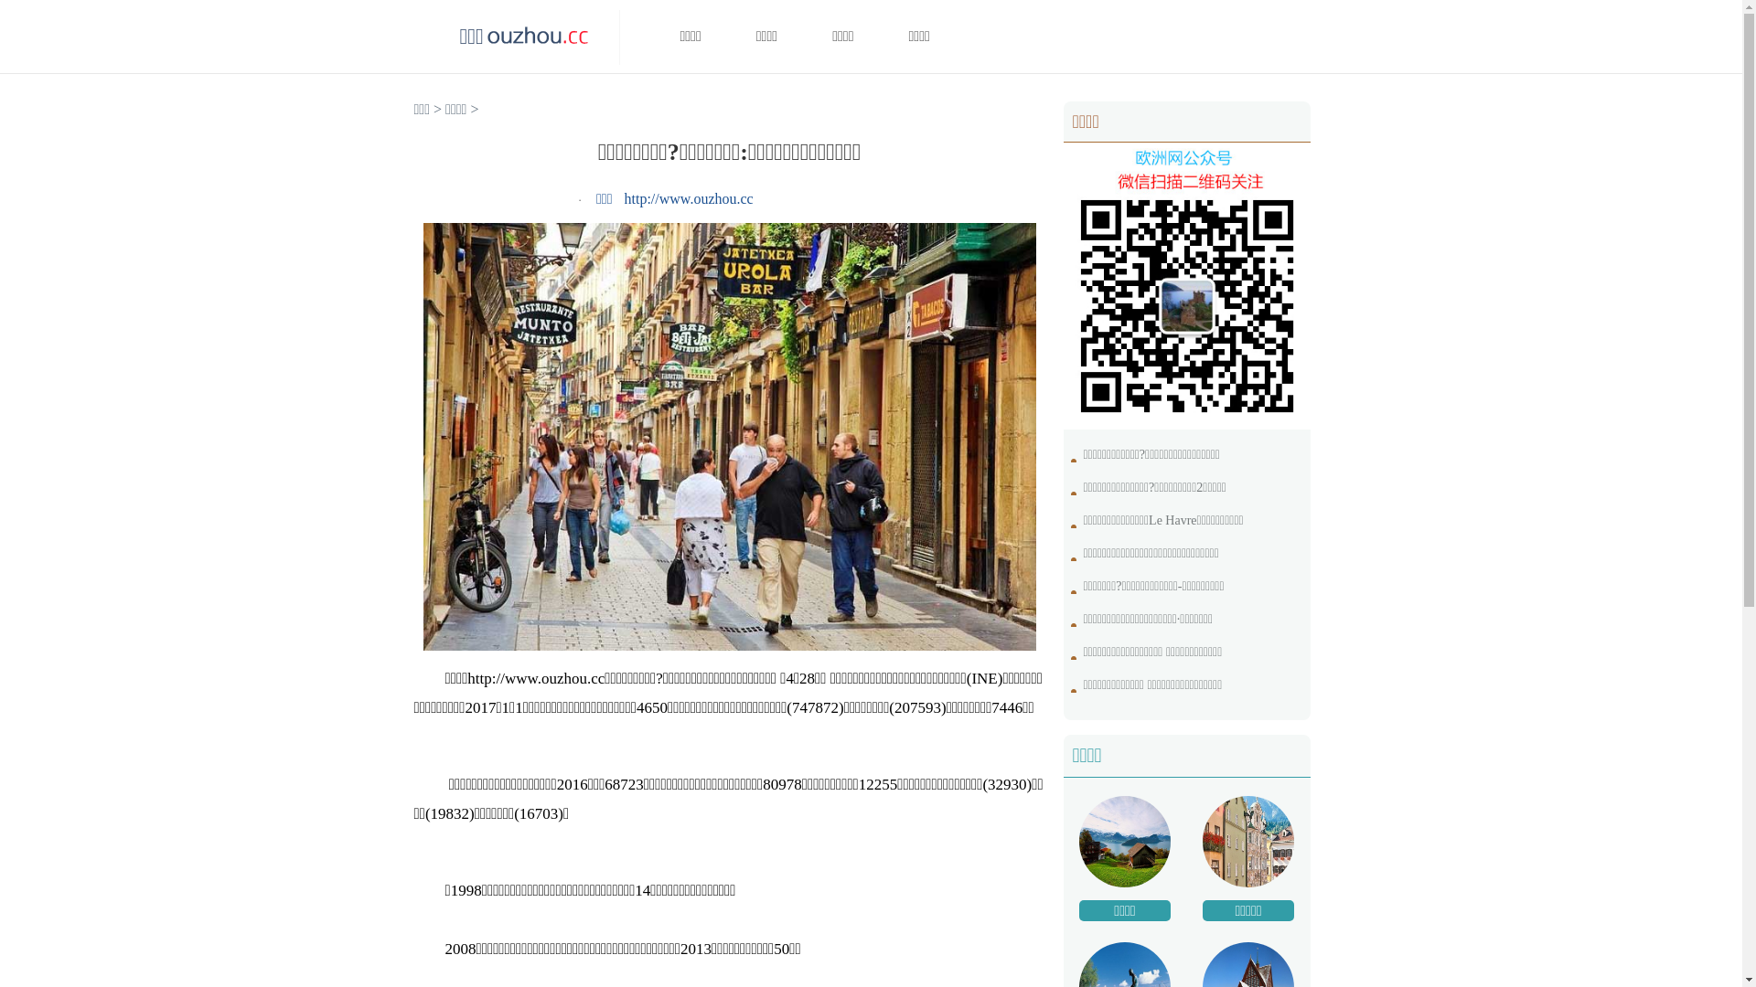 The height and width of the screenshot is (987, 1756). Describe the element at coordinates (688, 198) in the screenshot. I see `'http://www.ouzhou.cc'` at that location.